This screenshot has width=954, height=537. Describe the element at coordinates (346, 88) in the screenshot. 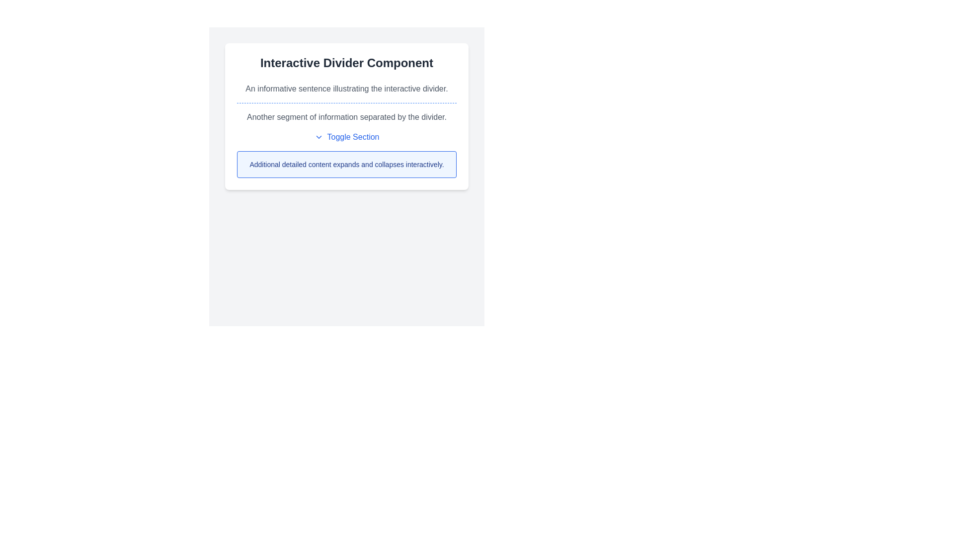

I see `informational text label located in the white card UI beneath the header 'Interactive Divider Component', positioned above a dashed blue divider` at that location.